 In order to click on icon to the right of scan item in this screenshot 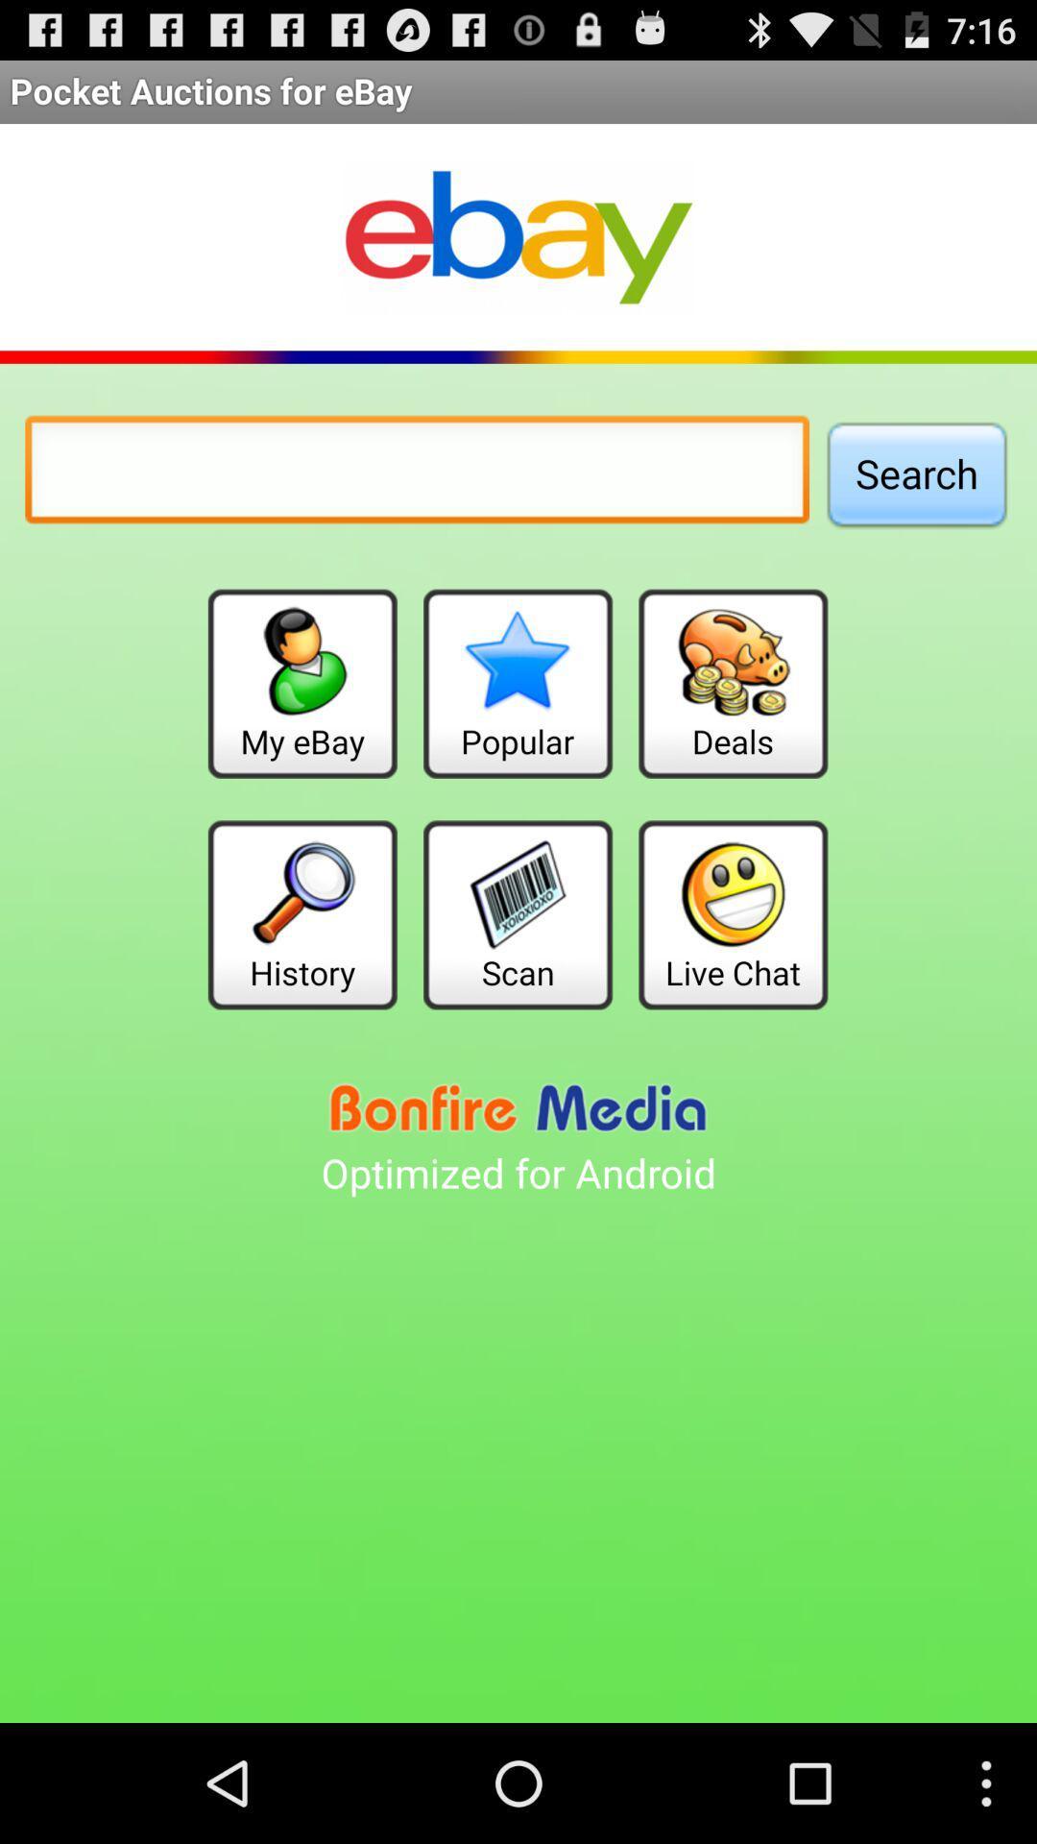, I will do `click(733, 913)`.